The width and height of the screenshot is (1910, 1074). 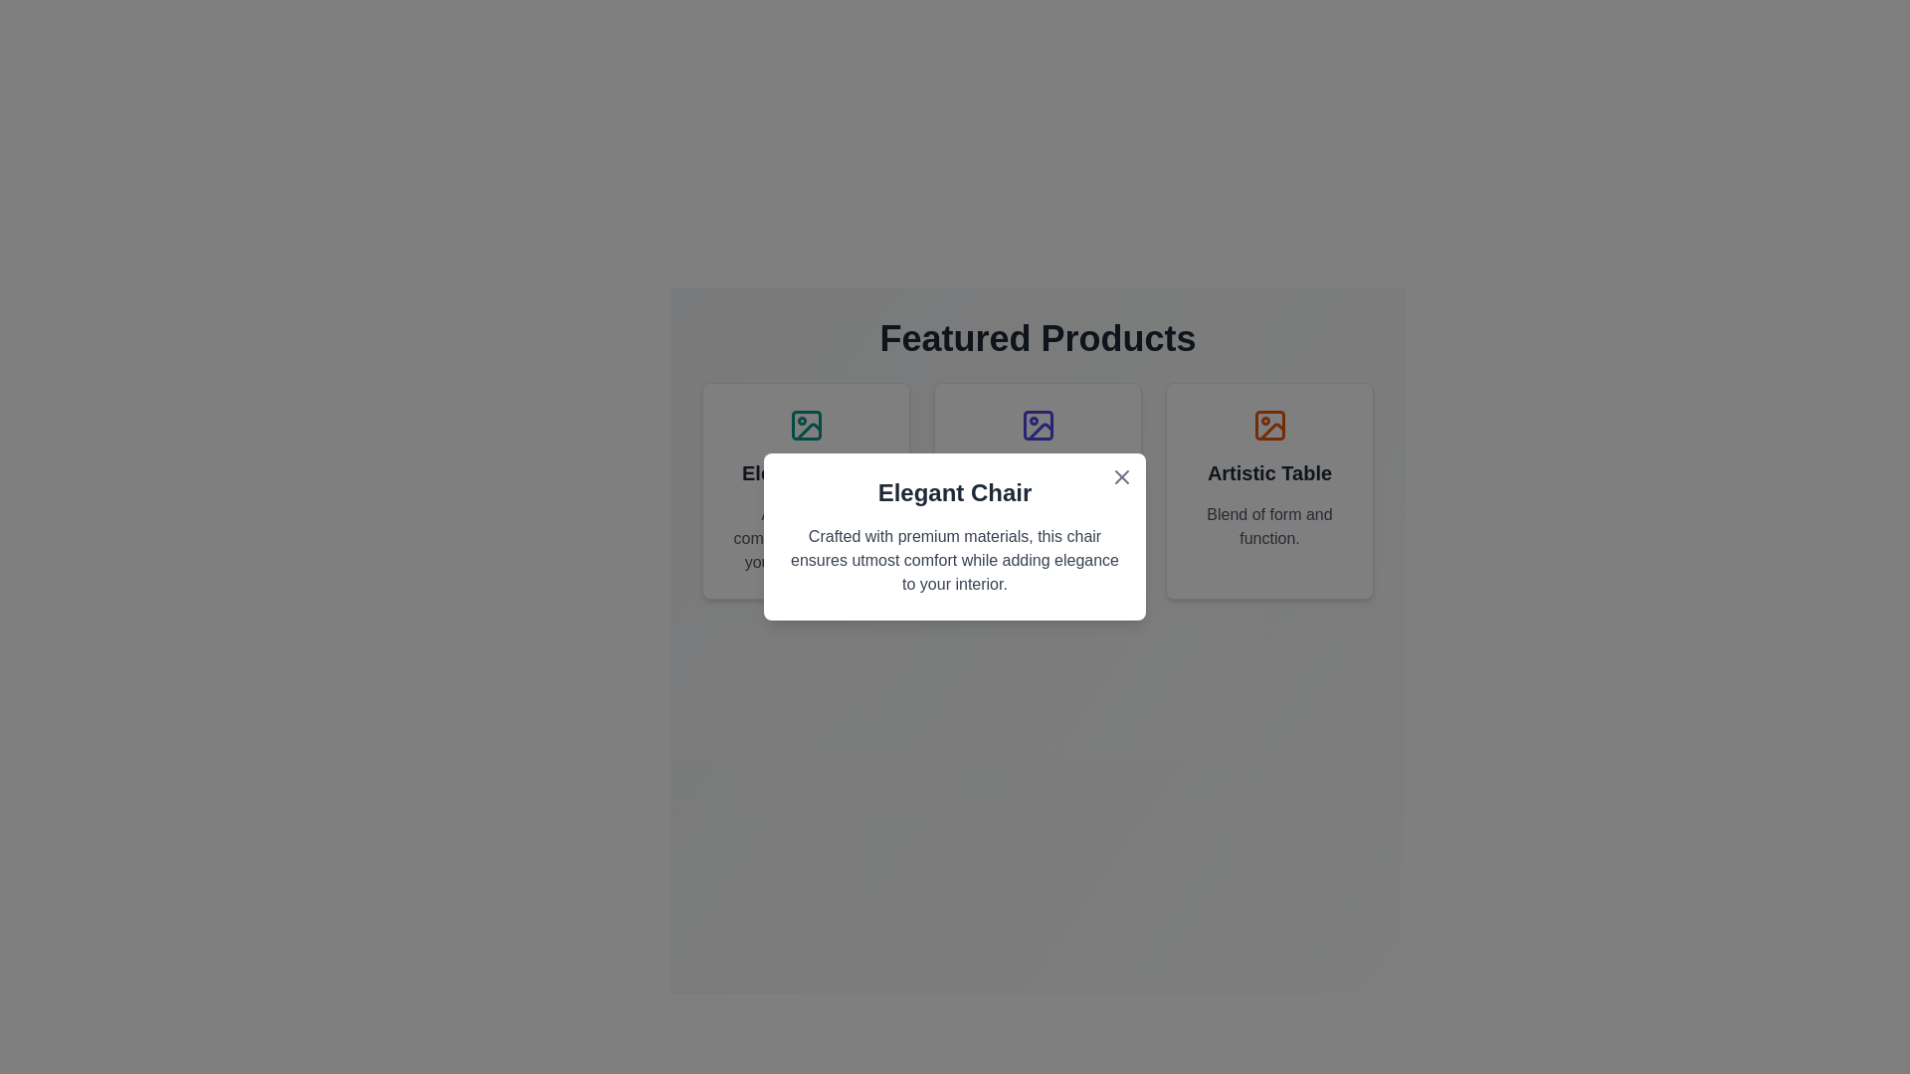 I want to click on the SVG rectangle graphic element that serves as an image or icon placeholder, located above the descriptive text 'Elegant Chair' in the second card of the 'Featured Products' section, so click(x=1037, y=425).